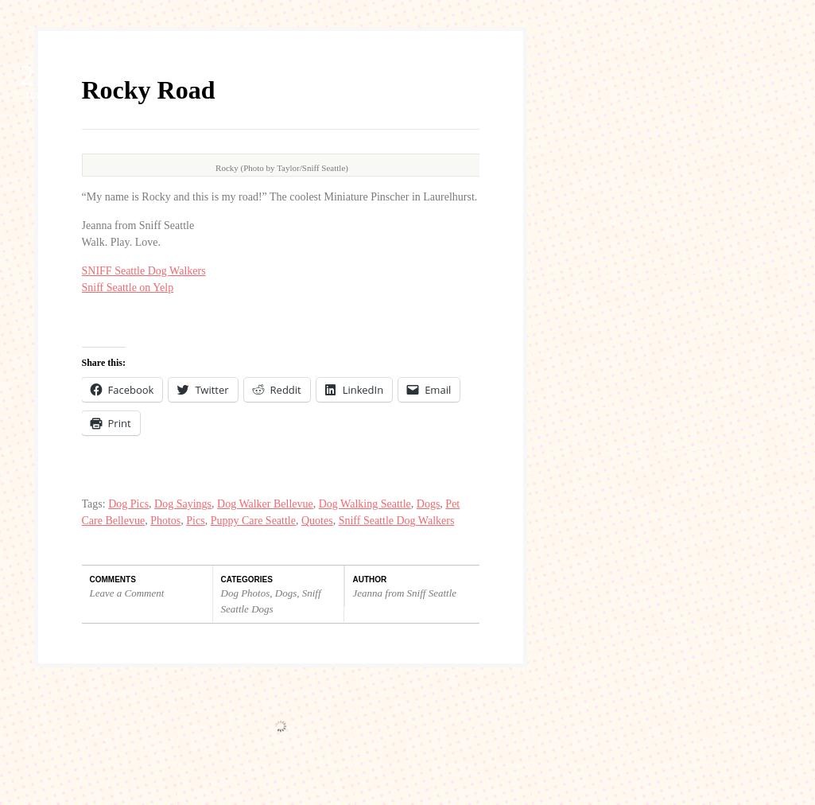 This screenshot has height=805, width=815. What do you see at coordinates (362, 90) in the screenshot?
I see `'LinkedIn'` at bounding box center [362, 90].